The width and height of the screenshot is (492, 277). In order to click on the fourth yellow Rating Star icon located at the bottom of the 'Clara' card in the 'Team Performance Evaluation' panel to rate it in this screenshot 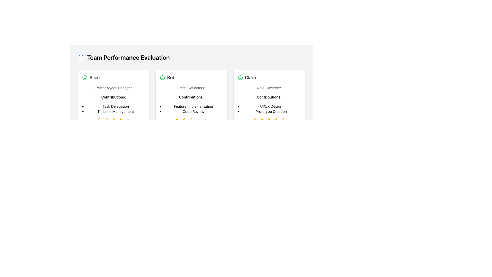, I will do `click(276, 121)`.